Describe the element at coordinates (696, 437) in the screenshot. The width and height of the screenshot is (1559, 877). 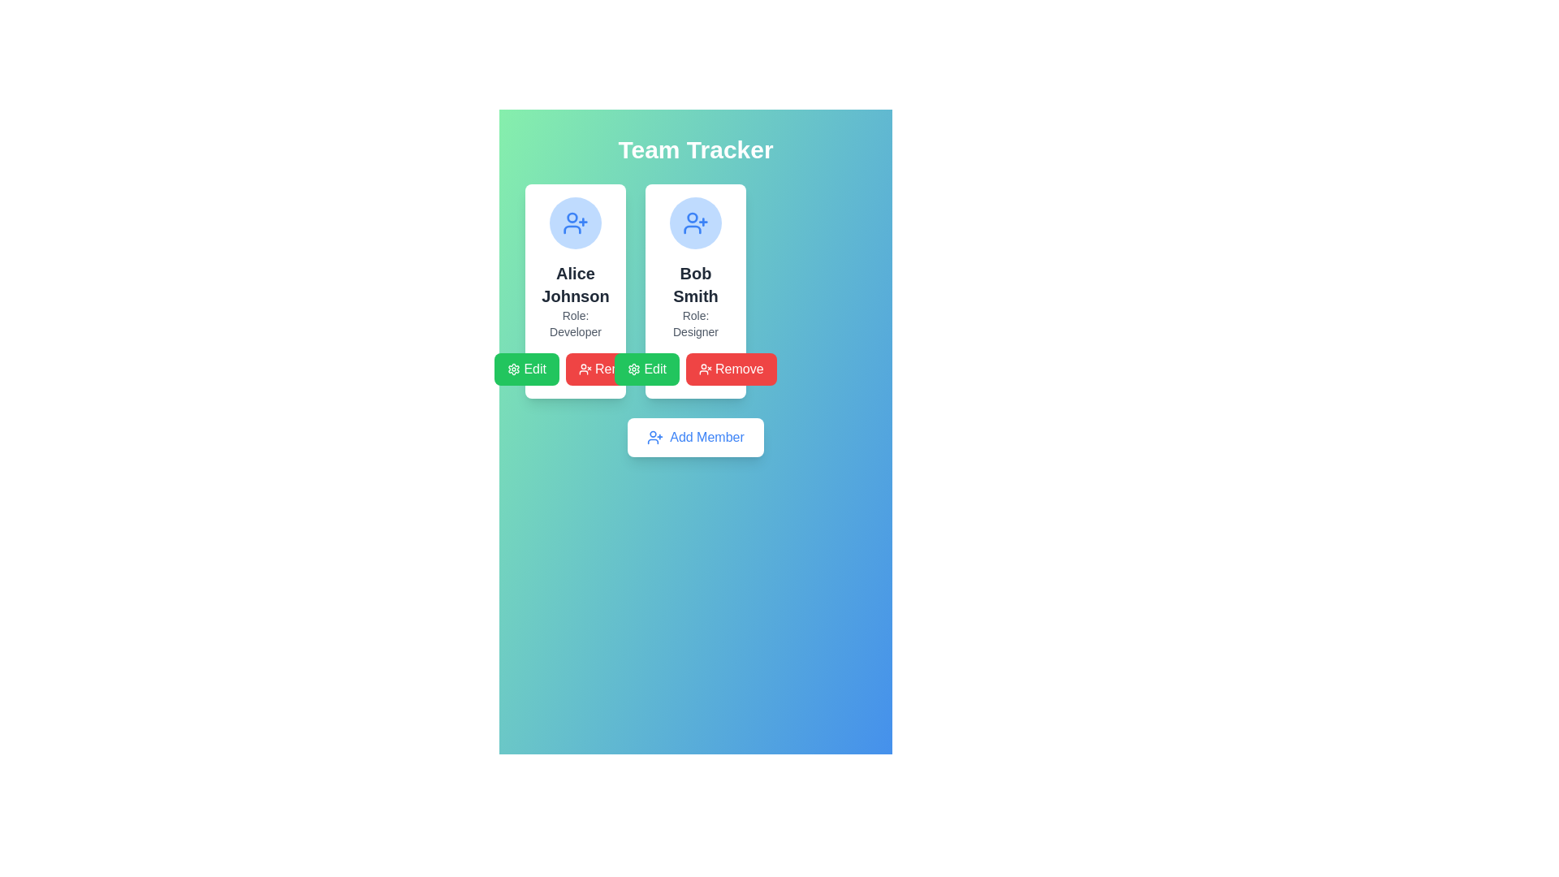
I see `the button for adding a new team member located at the bottom of the section below the user cards for 'Alice Johnson' and 'Bob Smith'` at that location.